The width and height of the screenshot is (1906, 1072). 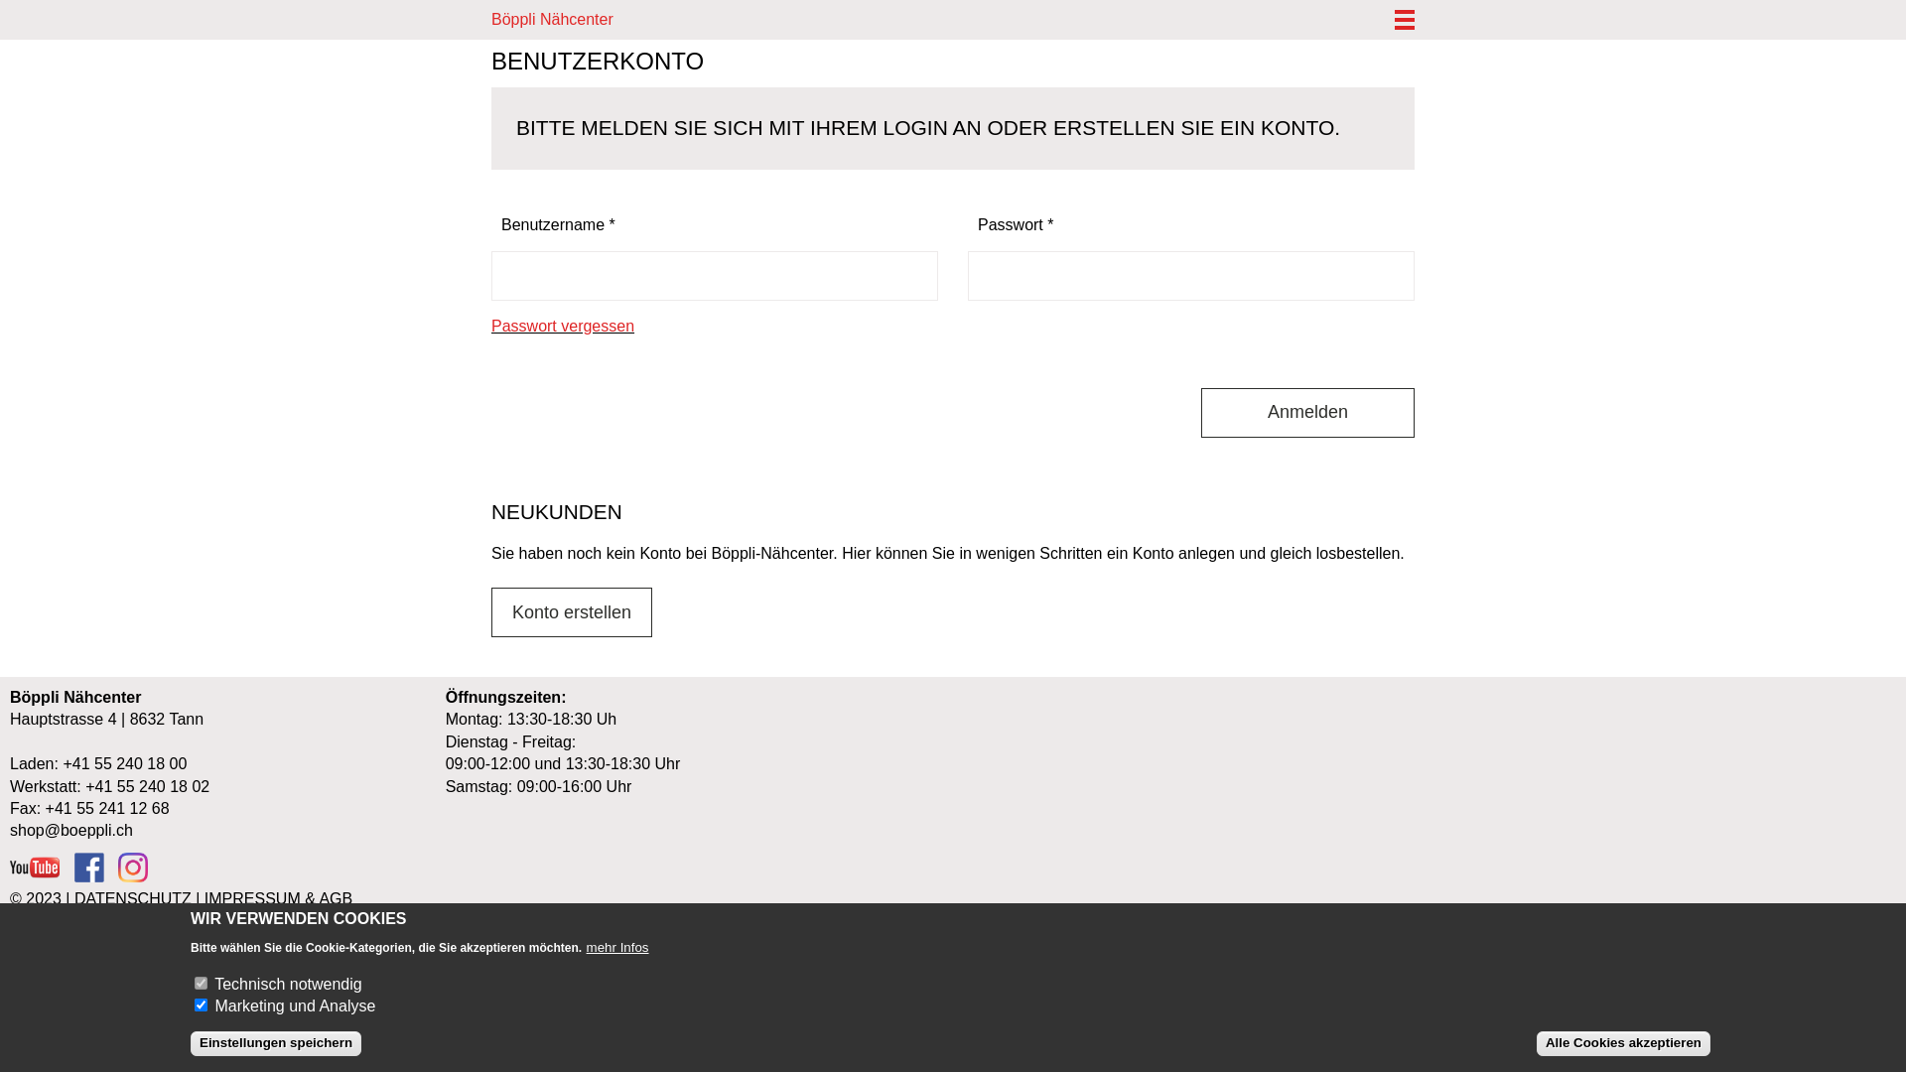 I want to click on 'Einstellungen speichern', so click(x=275, y=1042).